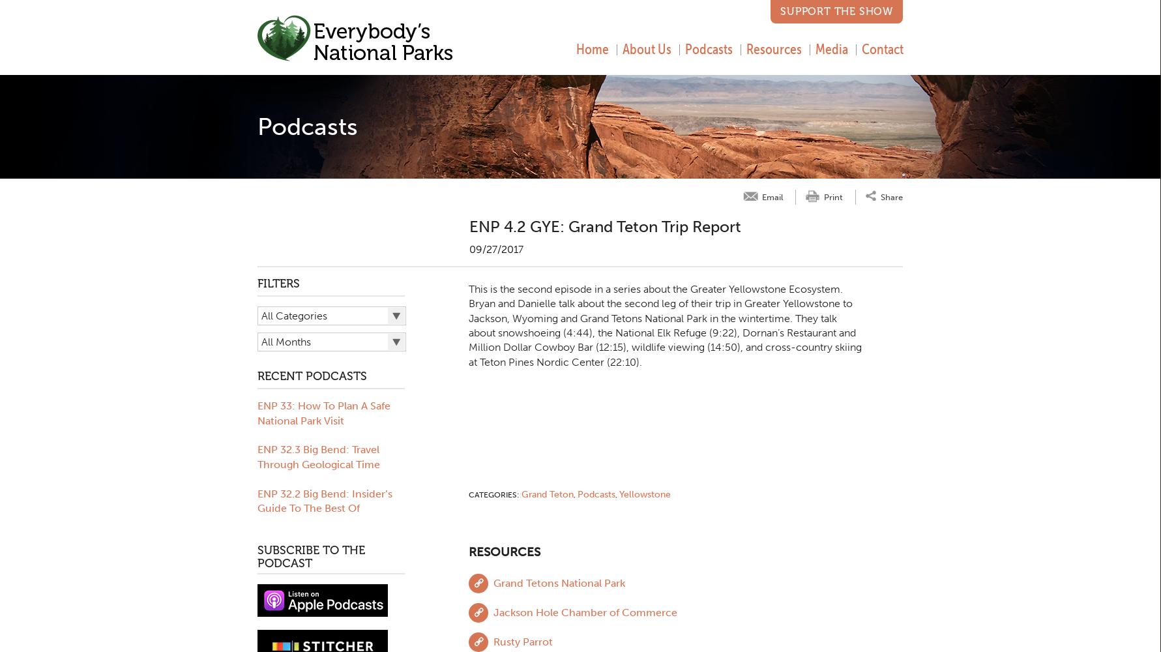 This screenshot has height=652, width=1161. I want to click on 'Olympic National Park', so click(304, 552).